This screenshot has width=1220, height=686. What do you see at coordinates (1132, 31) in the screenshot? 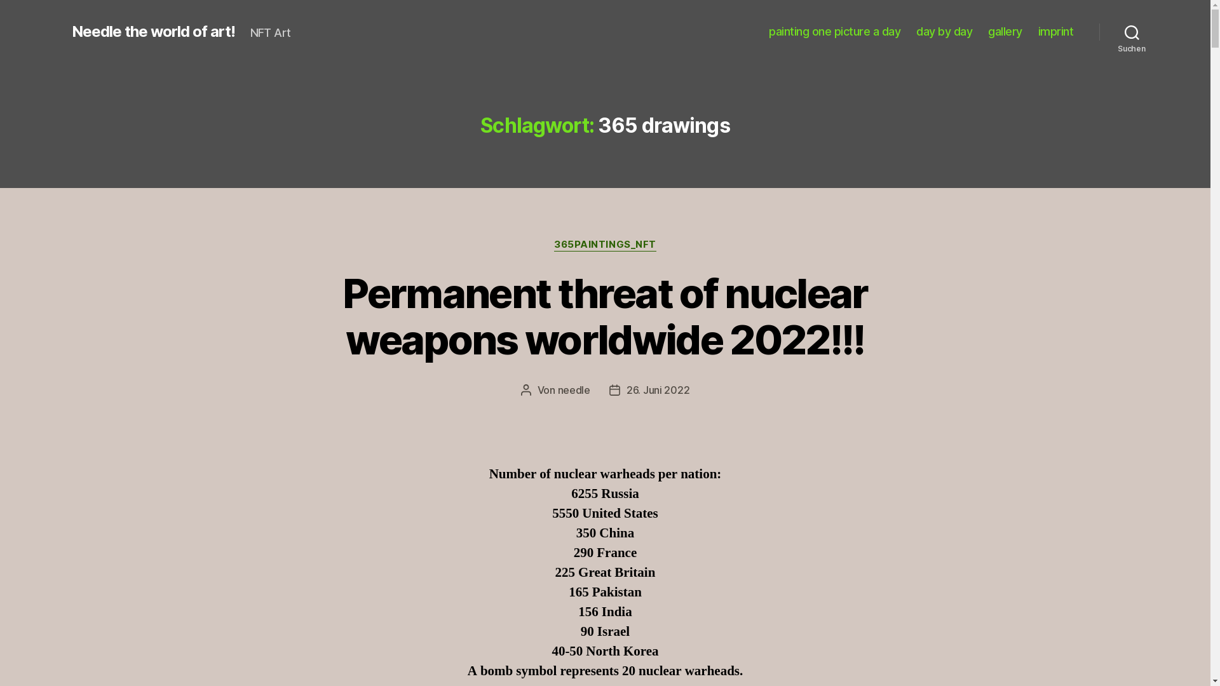
I see `'Suchen'` at bounding box center [1132, 31].